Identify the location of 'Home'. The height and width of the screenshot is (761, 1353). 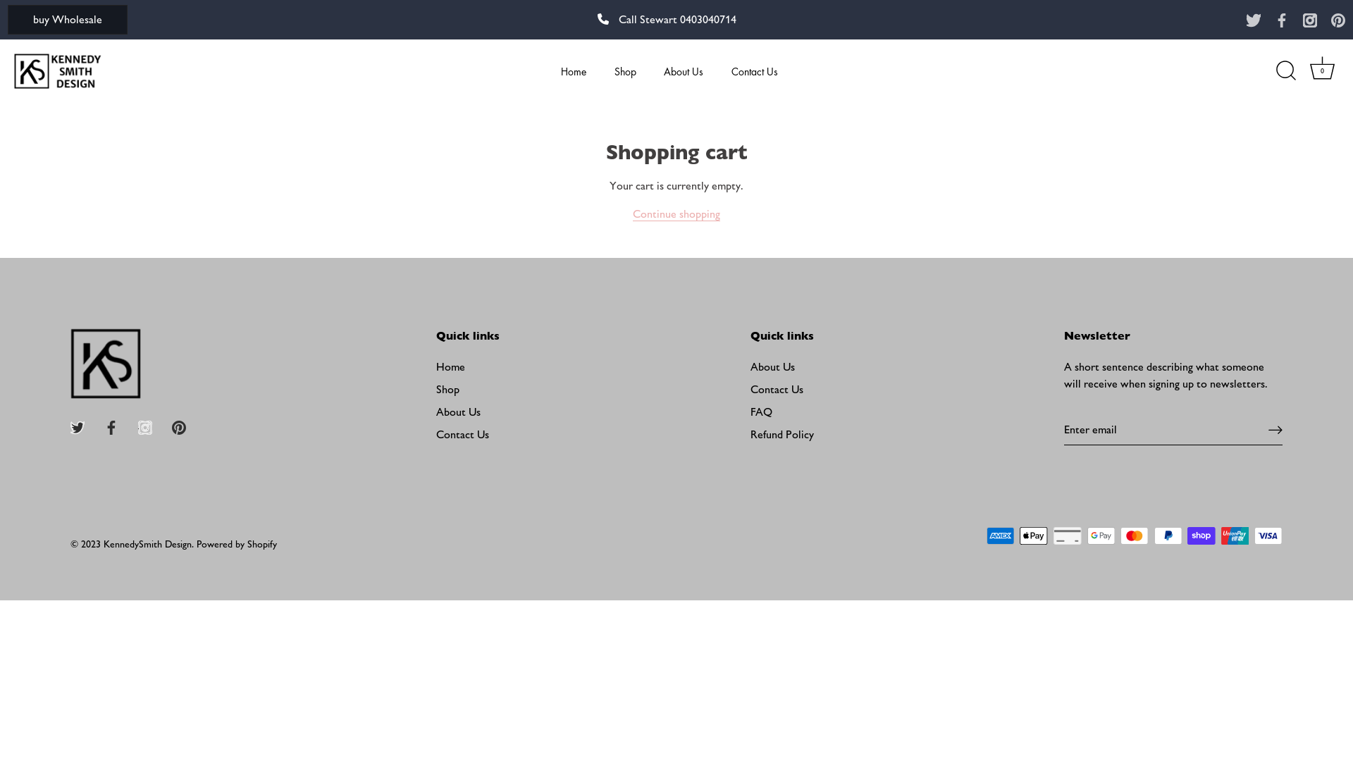
(574, 70).